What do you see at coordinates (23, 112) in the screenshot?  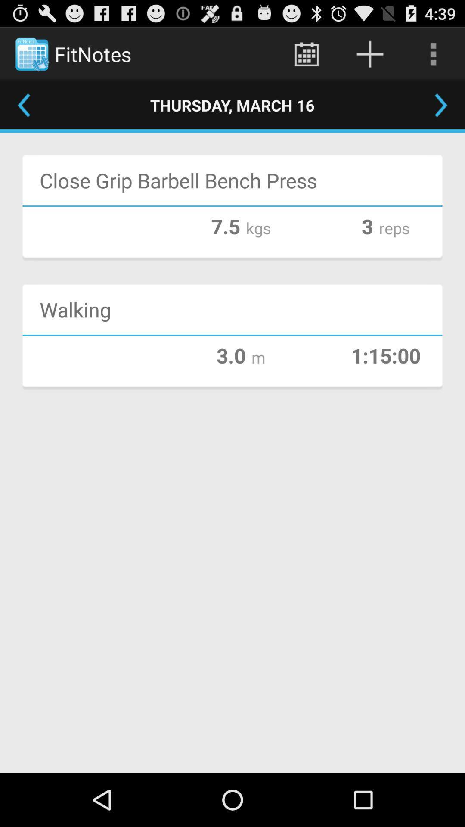 I see `the arrow_backward icon` at bounding box center [23, 112].